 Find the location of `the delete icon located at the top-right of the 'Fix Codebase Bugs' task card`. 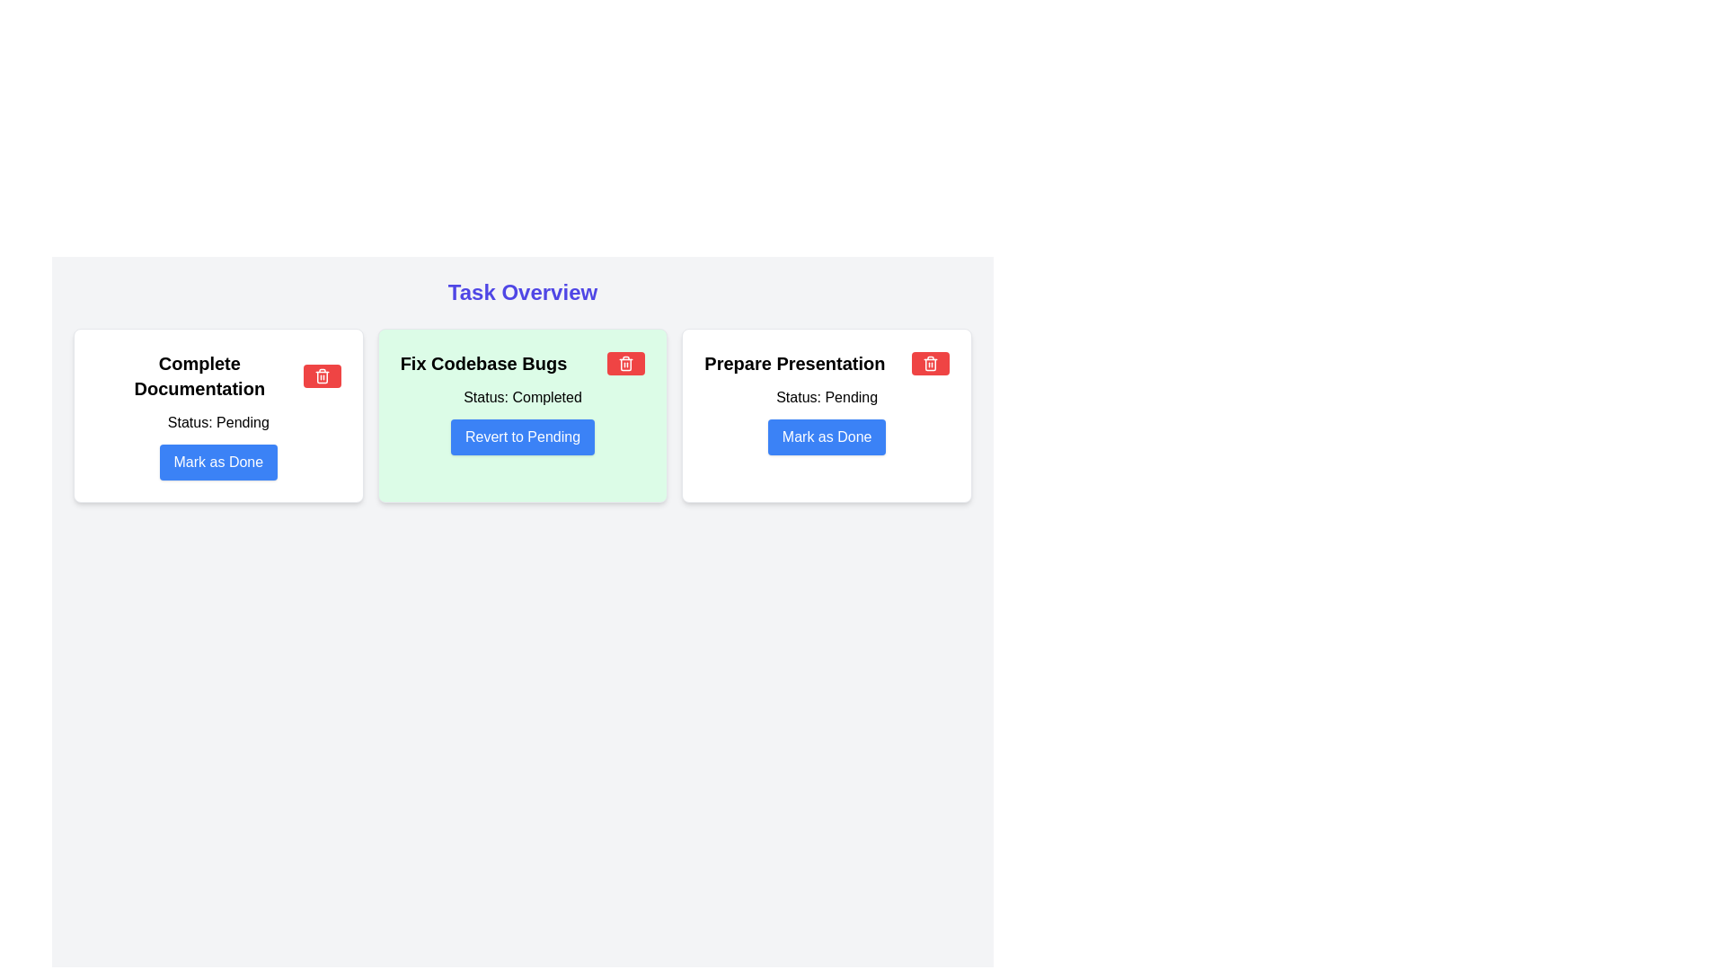

the delete icon located at the top-right of the 'Fix Codebase Bugs' task card is located at coordinates (931, 364).